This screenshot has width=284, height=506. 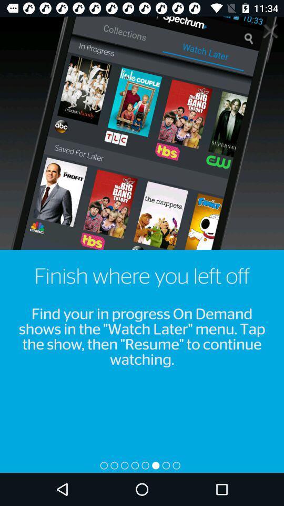 I want to click on it, so click(x=270, y=30).